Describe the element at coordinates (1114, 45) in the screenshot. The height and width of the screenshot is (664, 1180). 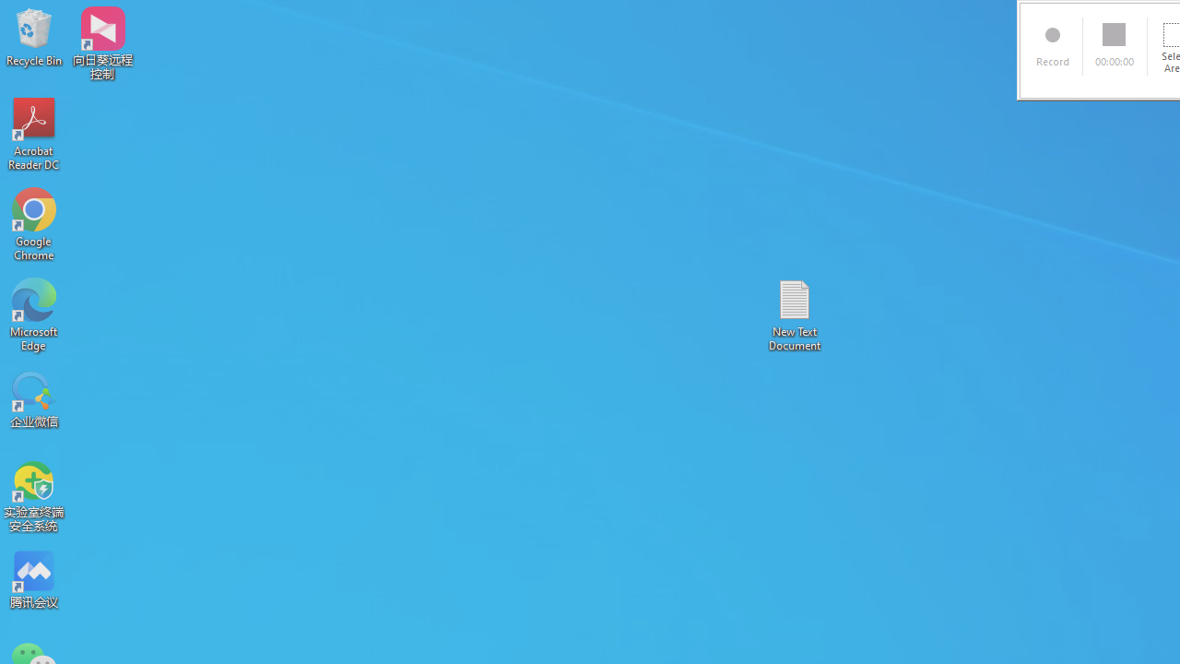
I see `'00:00:00'` at that location.